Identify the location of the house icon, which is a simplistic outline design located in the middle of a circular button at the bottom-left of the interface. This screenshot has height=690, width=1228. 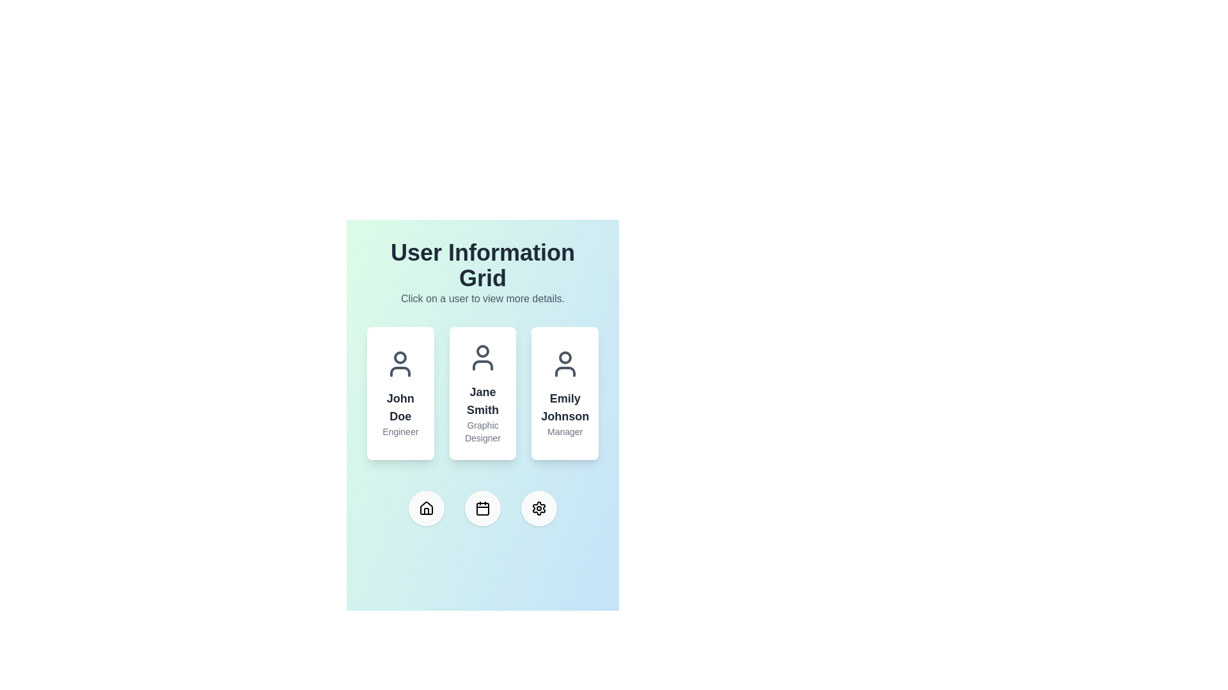
(427, 507).